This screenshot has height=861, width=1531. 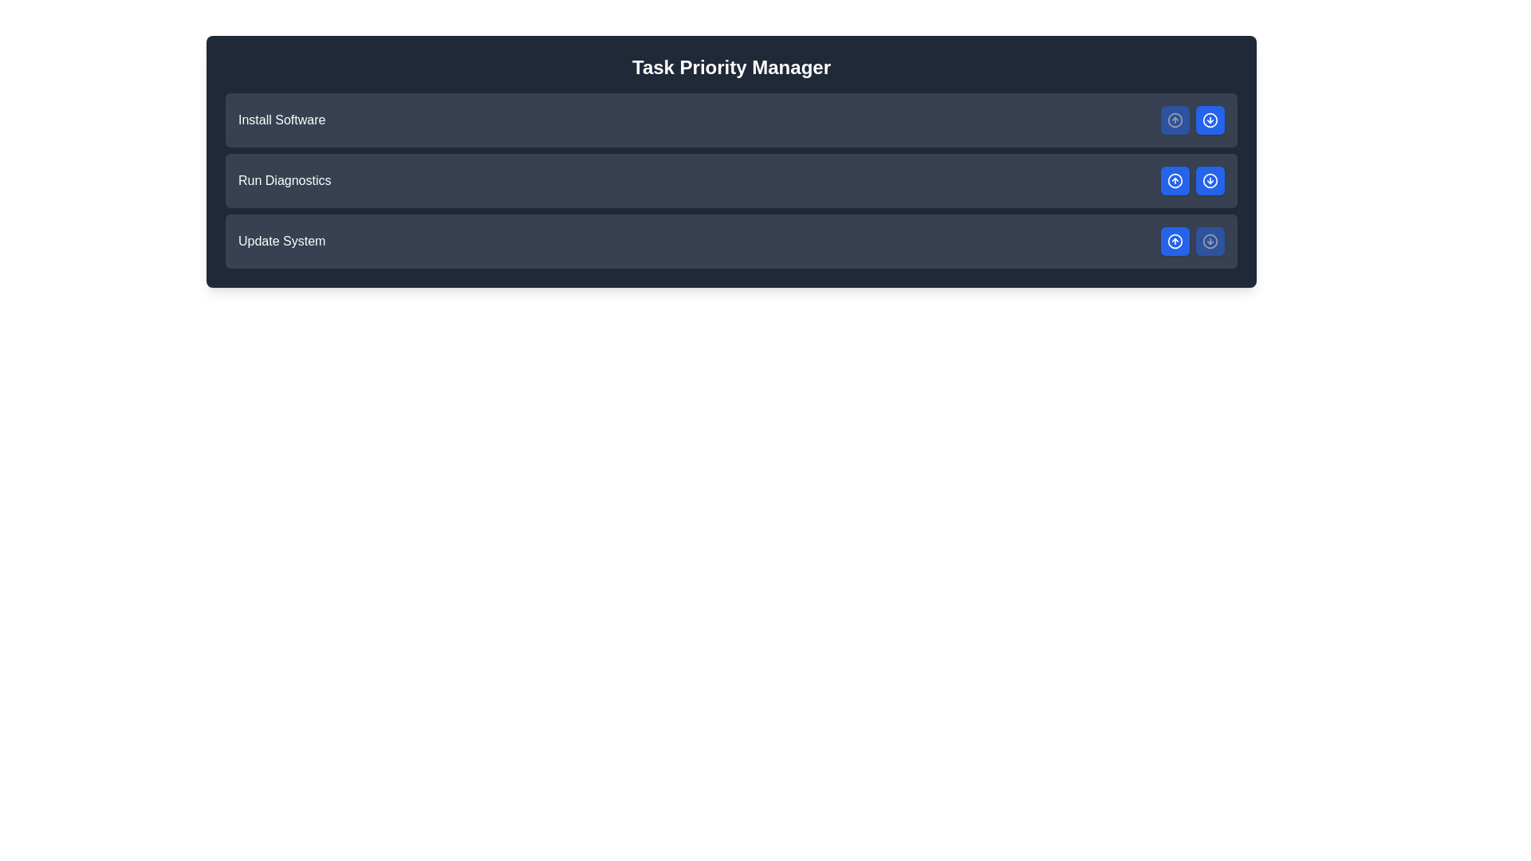 What do you see at coordinates (1175, 180) in the screenshot?
I see `the SVG circle element located in the third task row, adjacent to the right-side controls, which is part of an icon representing a circle with an upward arrow` at bounding box center [1175, 180].